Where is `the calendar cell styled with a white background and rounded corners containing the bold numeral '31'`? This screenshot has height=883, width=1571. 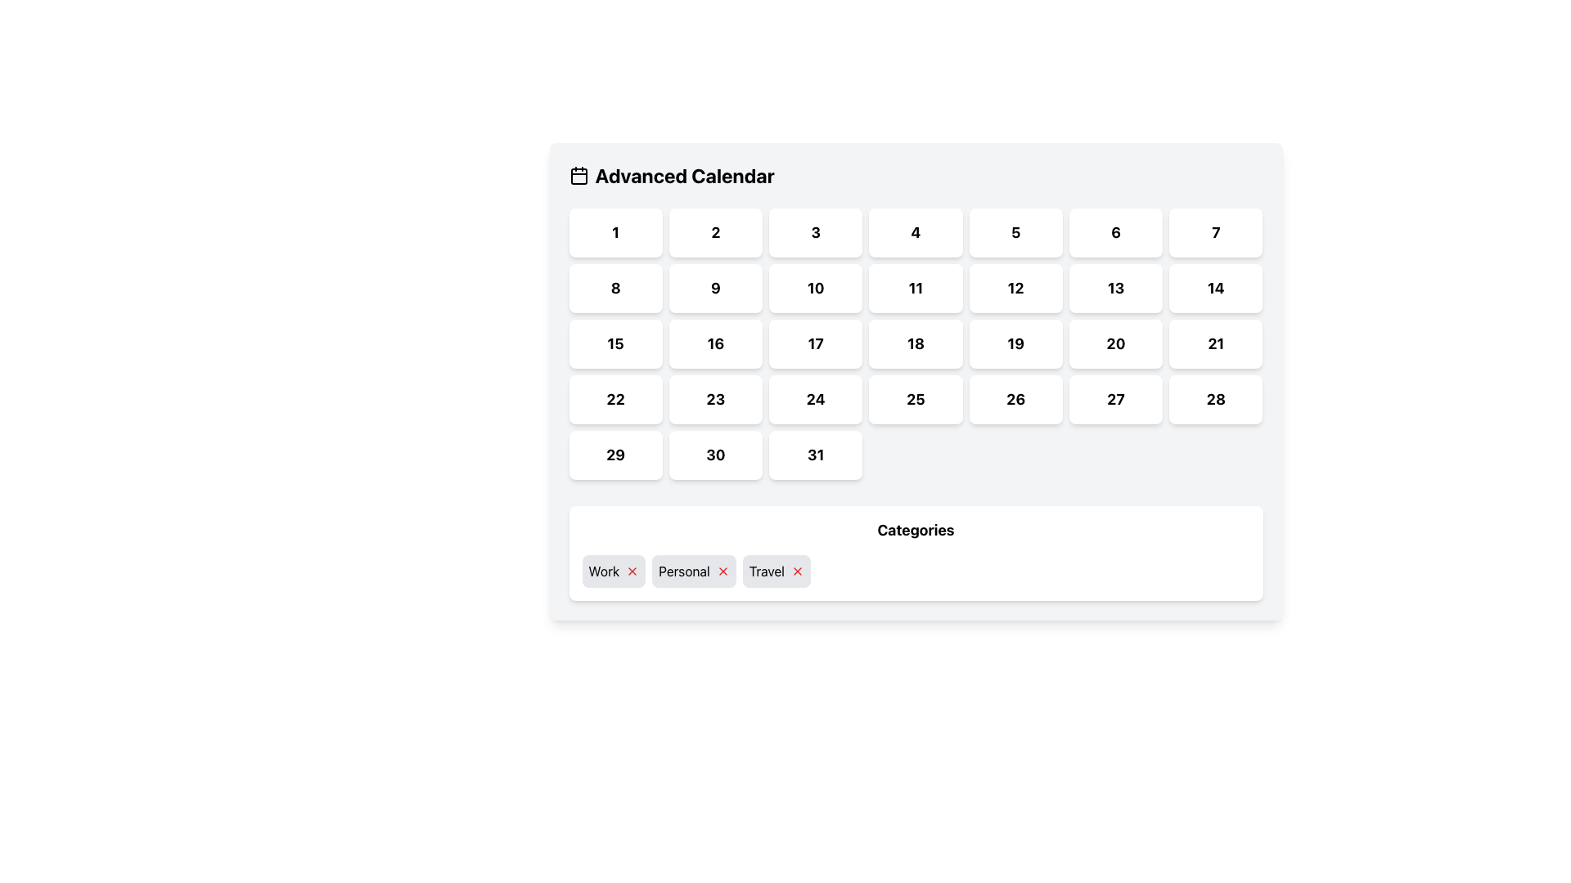
the calendar cell styled with a white background and rounded corners containing the bold numeral '31' is located at coordinates (816, 455).